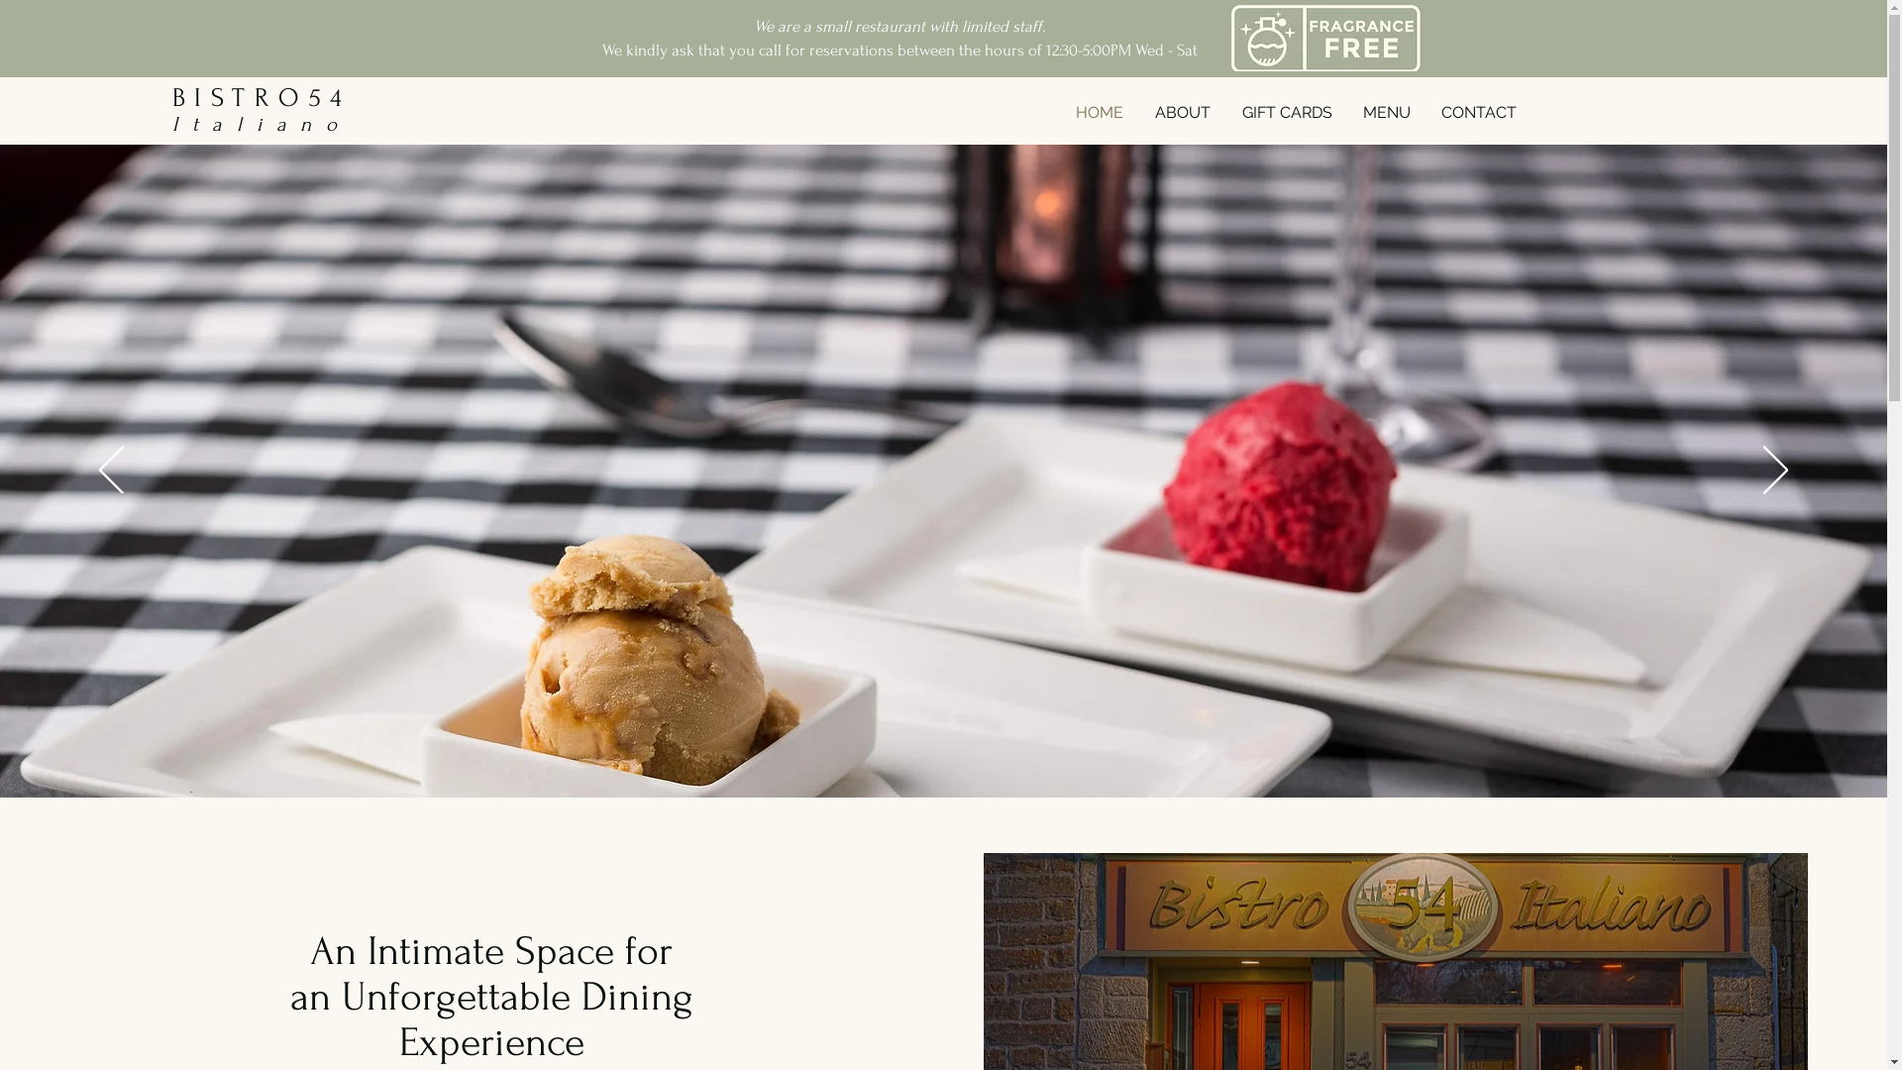 The height and width of the screenshot is (1070, 1902). What do you see at coordinates (1286, 113) in the screenshot?
I see `'GIFT CARDS'` at bounding box center [1286, 113].